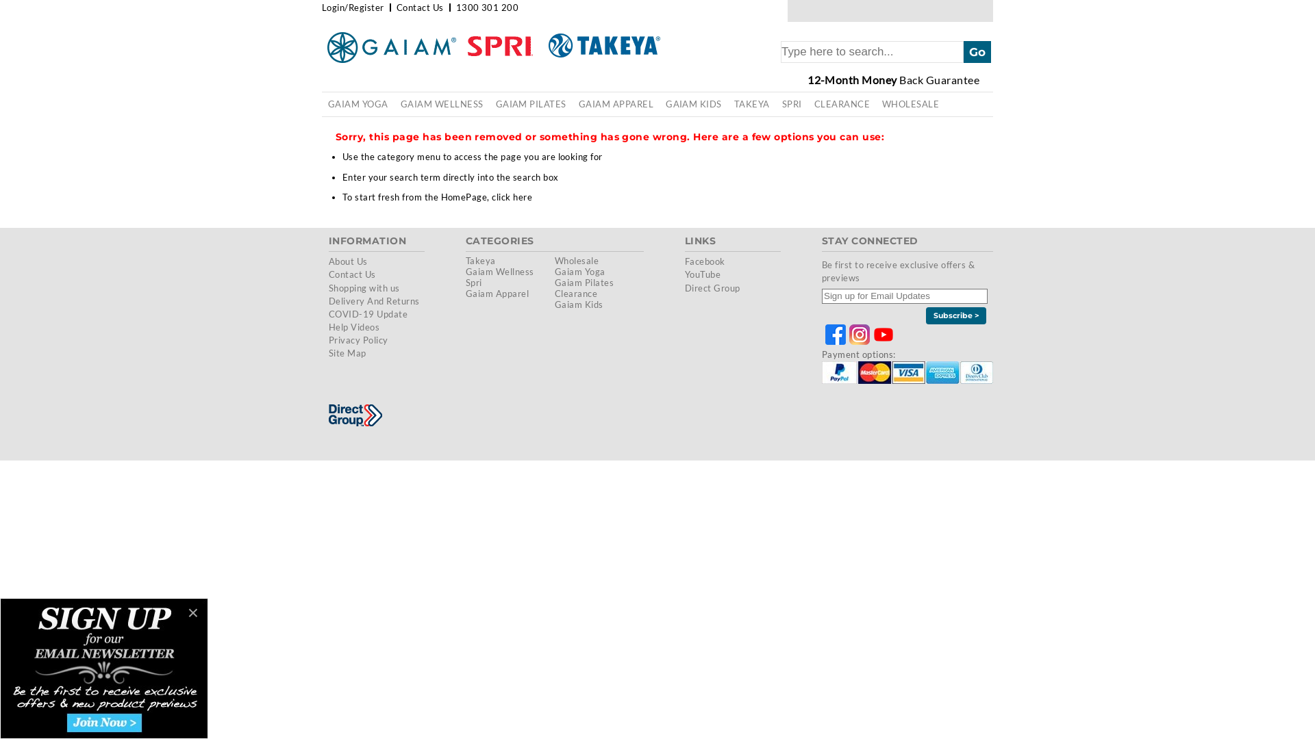  Describe the element at coordinates (480, 261) in the screenshot. I see `'Takeya'` at that location.